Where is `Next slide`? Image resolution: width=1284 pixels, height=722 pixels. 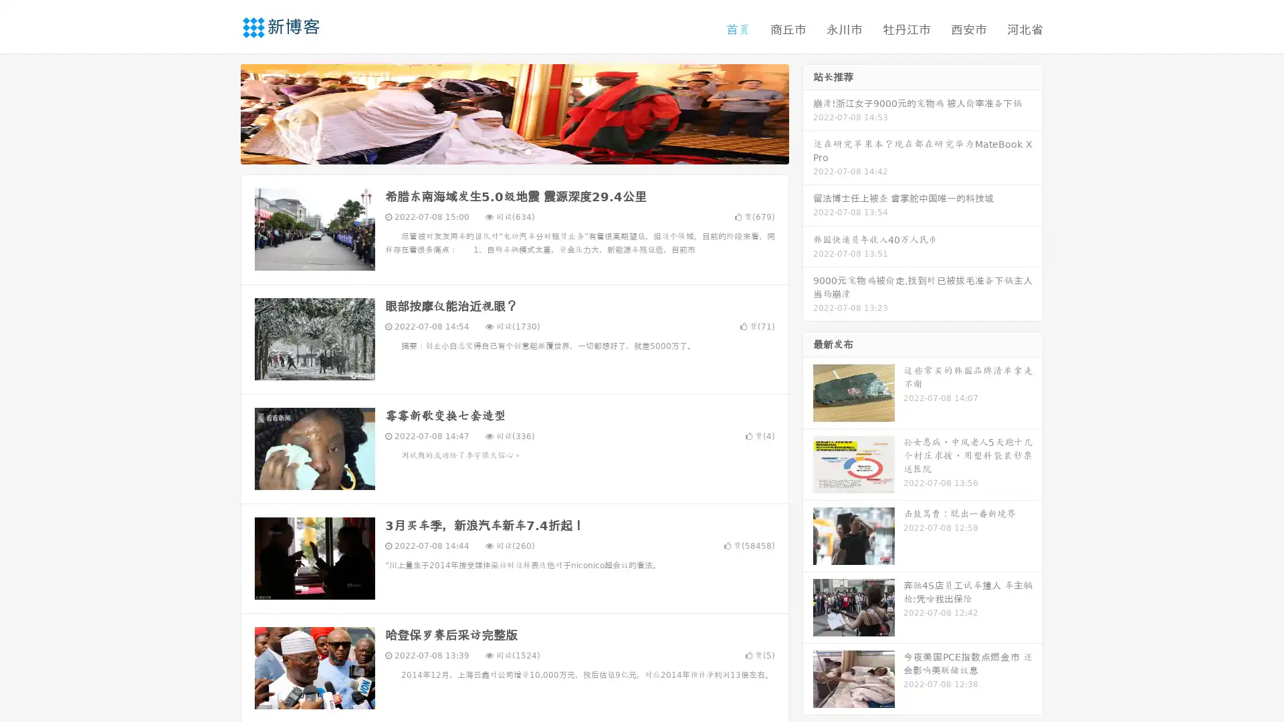
Next slide is located at coordinates (808, 112).